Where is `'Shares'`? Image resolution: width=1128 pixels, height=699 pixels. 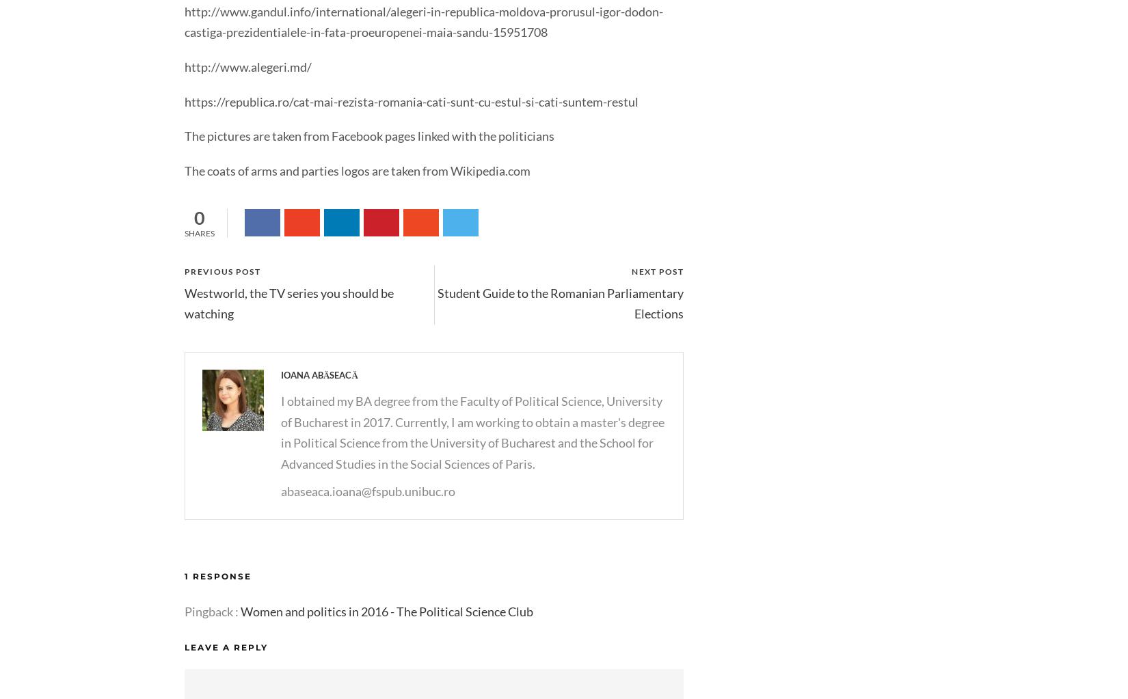 'Shares' is located at coordinates (200, 233).